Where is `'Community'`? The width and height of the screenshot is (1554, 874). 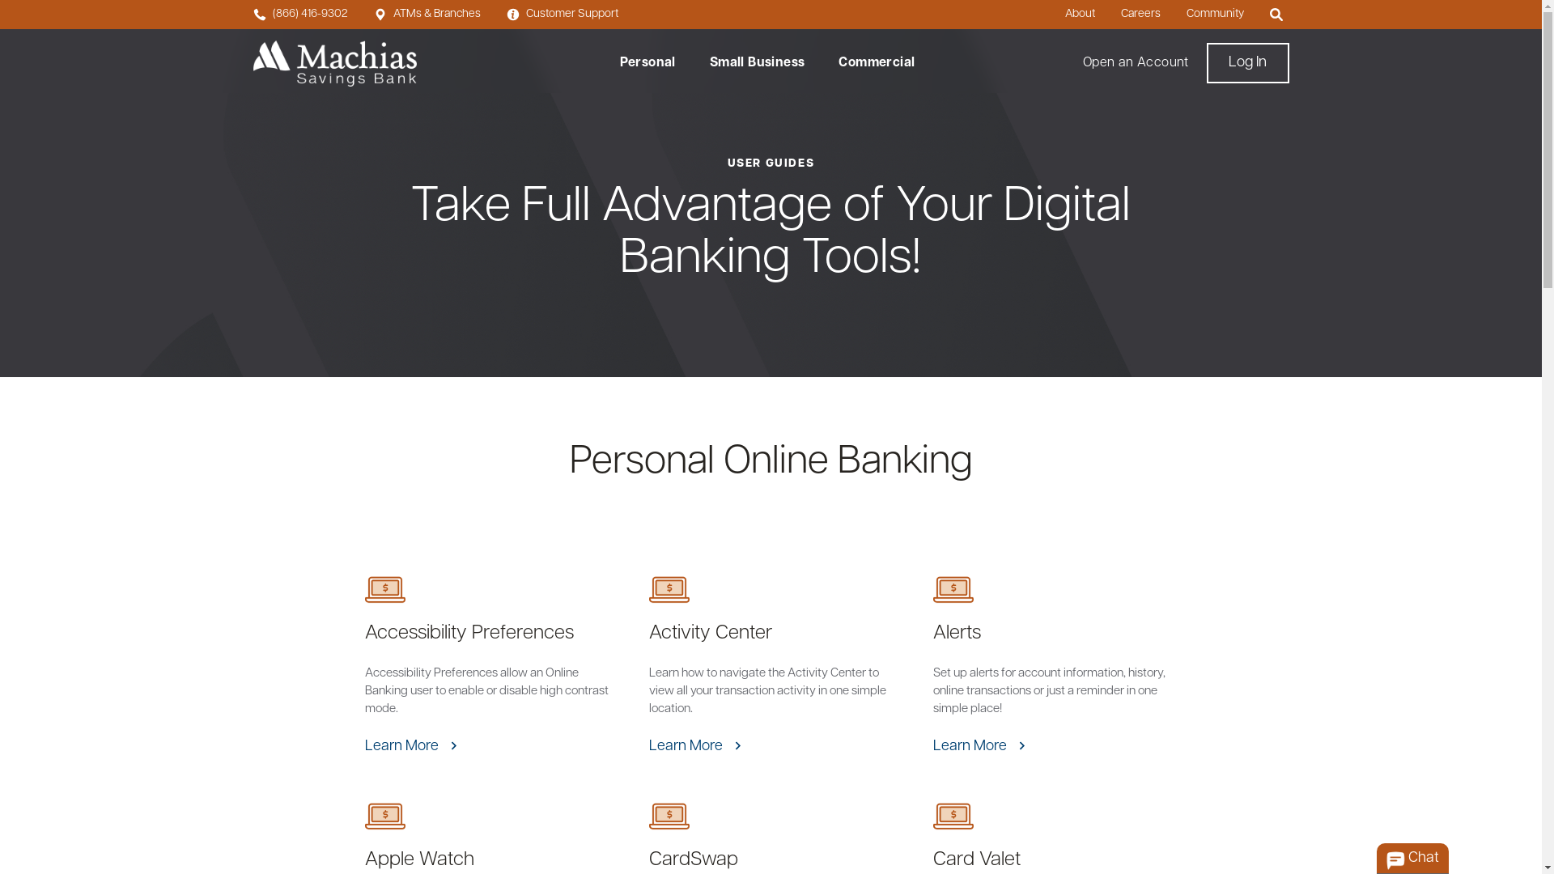
'Community' is located at coordinates (1215, 15).